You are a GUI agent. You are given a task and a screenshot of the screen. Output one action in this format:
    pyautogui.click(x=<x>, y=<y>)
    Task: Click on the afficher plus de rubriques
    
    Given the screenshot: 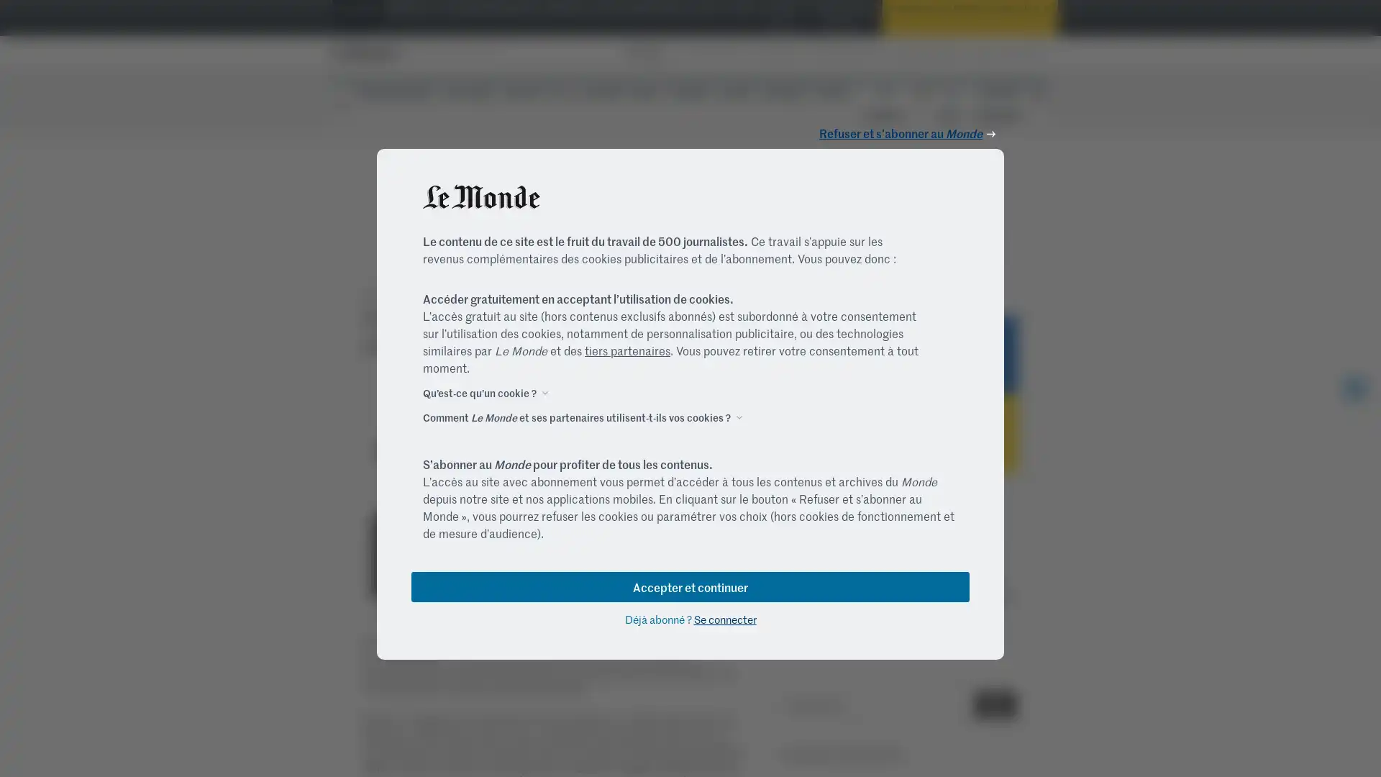 What is the action you would take?
    pyautogui.click(x=1038, y=94)
    